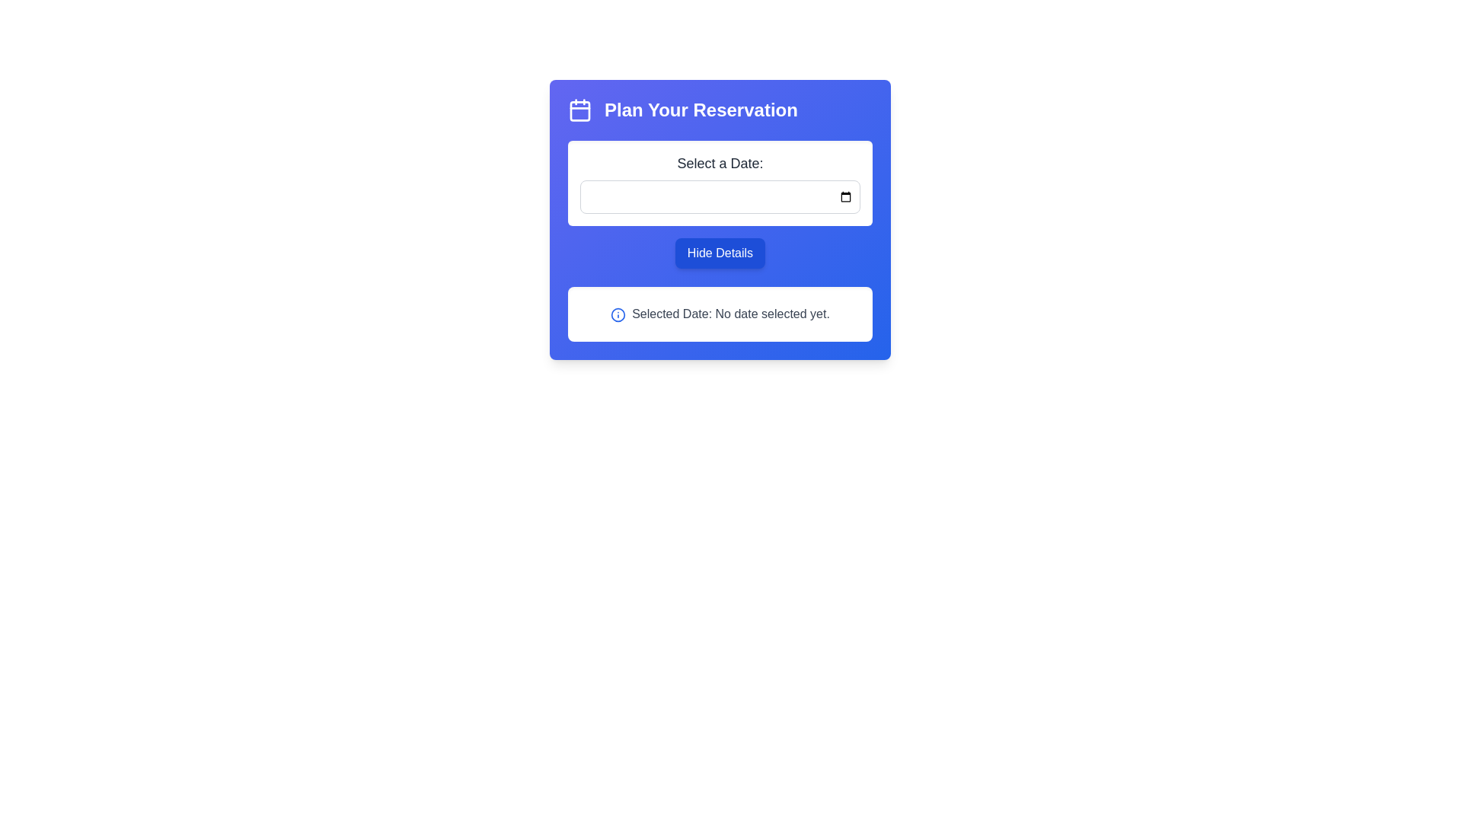  Describe the element at coordinates (719, 182) in the screenshot. I see `the date input field labeled 'Select a Date:'` at that location.